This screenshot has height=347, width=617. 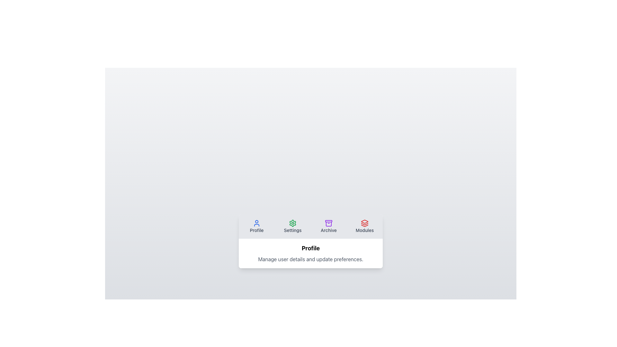 I want to click on the blue outlined user profile icon located in the Profile section of the interface, which features a circular head and semi-oval body, positioned at the top center of the interface, so click(x=256, y=223).